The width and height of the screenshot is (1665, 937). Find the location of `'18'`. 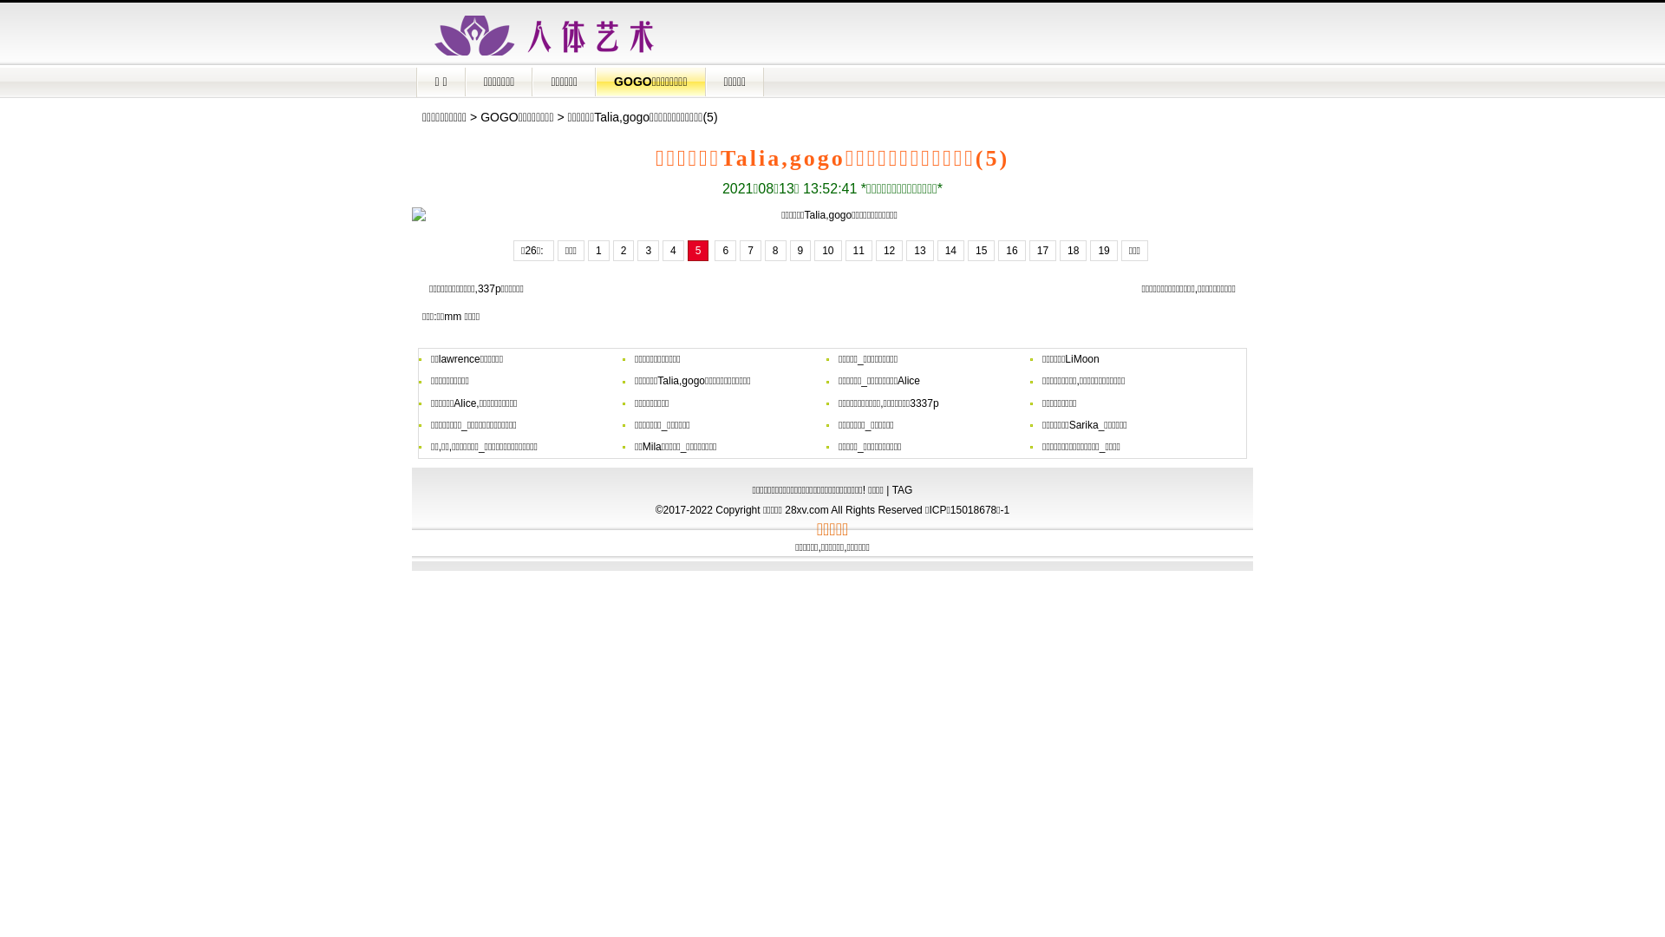

'18' is located at coordinates (1072, 251).